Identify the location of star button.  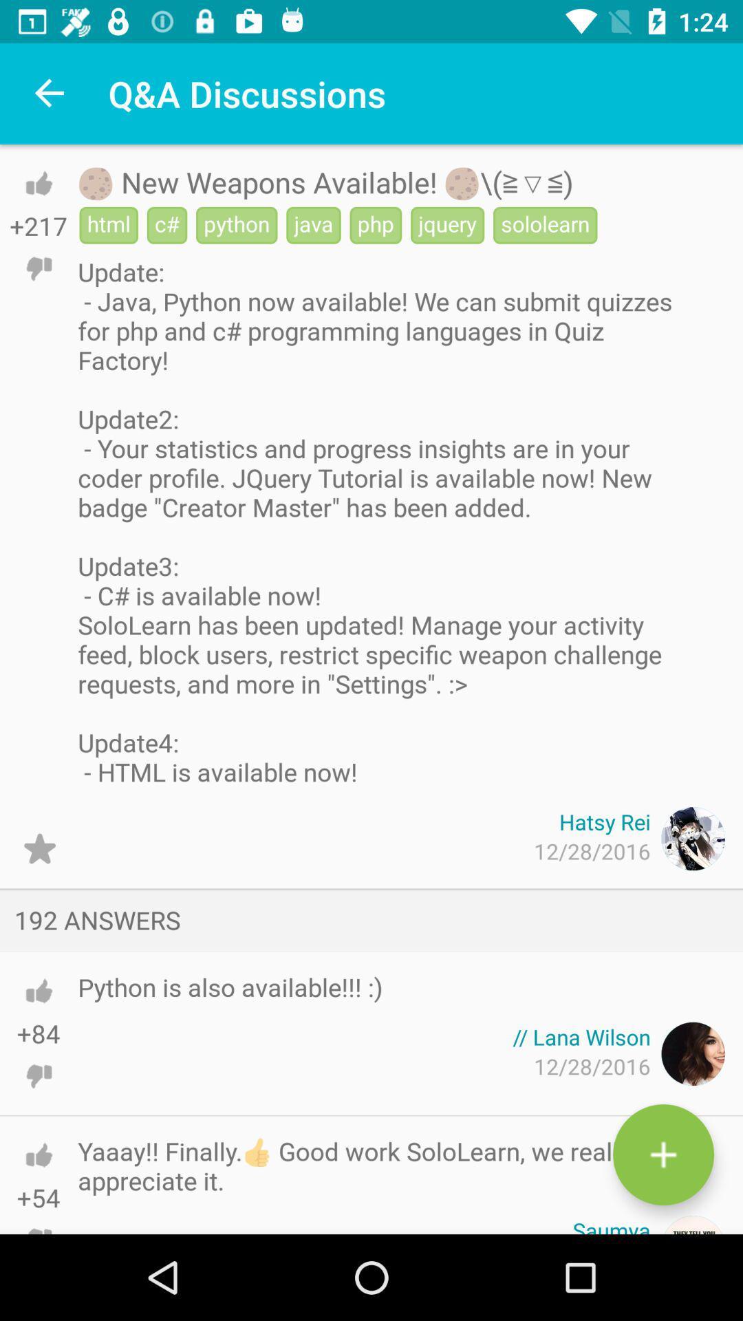
(39, 848).